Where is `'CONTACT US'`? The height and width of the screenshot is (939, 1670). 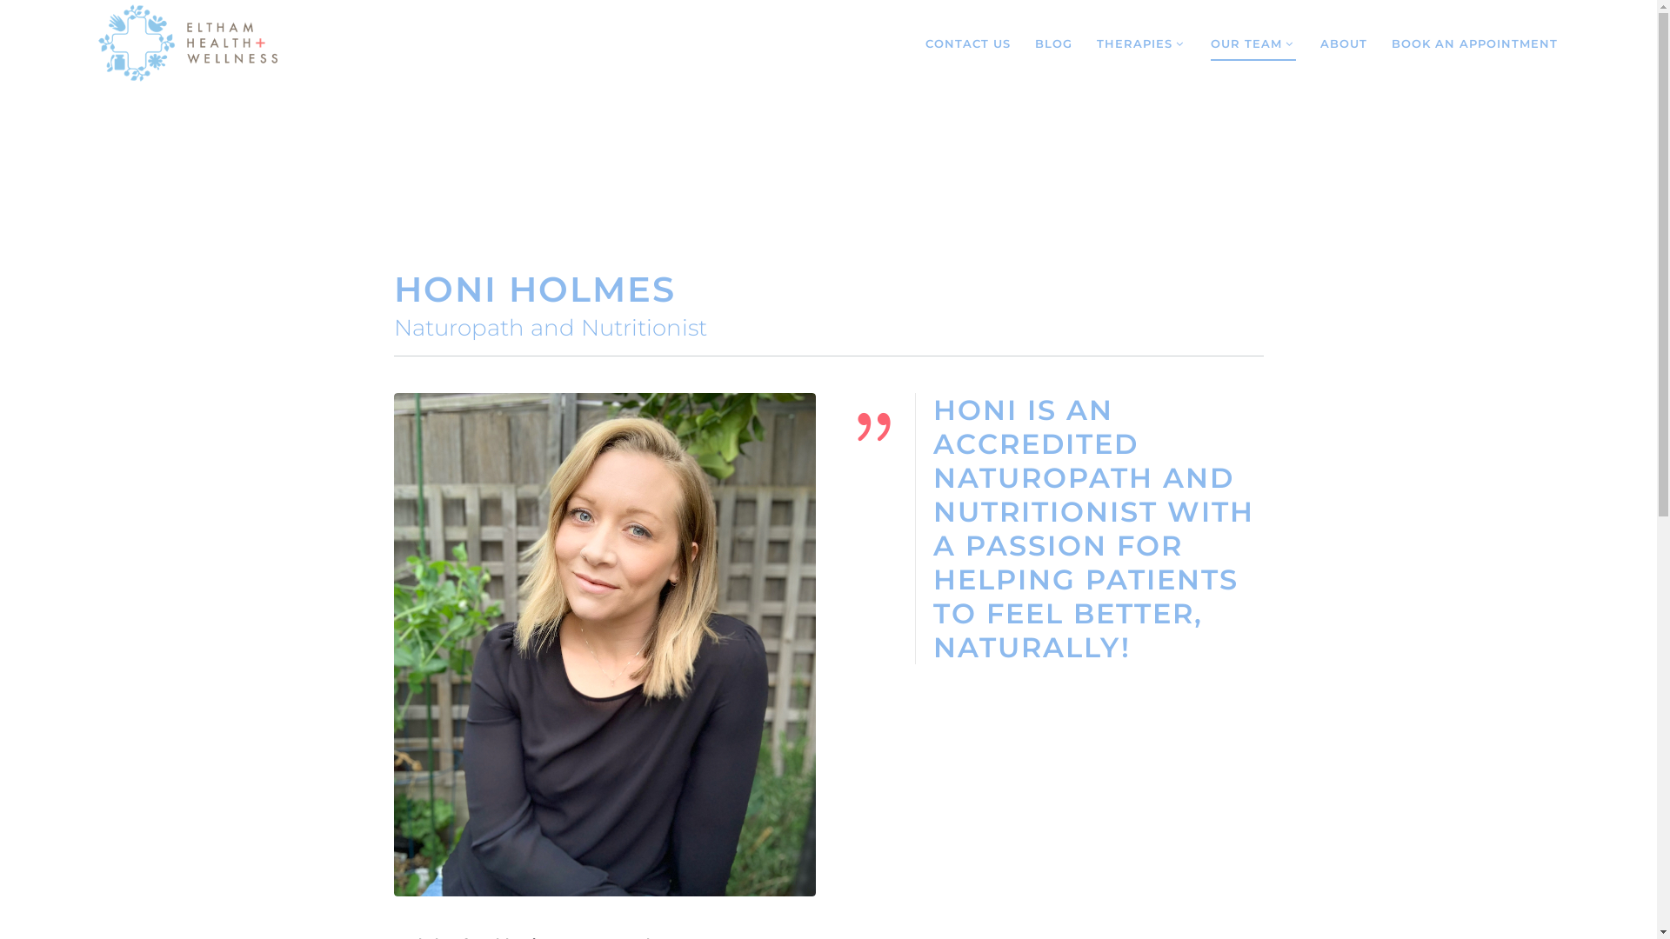 'CONTACT US' is located at coordinates (967, 43).